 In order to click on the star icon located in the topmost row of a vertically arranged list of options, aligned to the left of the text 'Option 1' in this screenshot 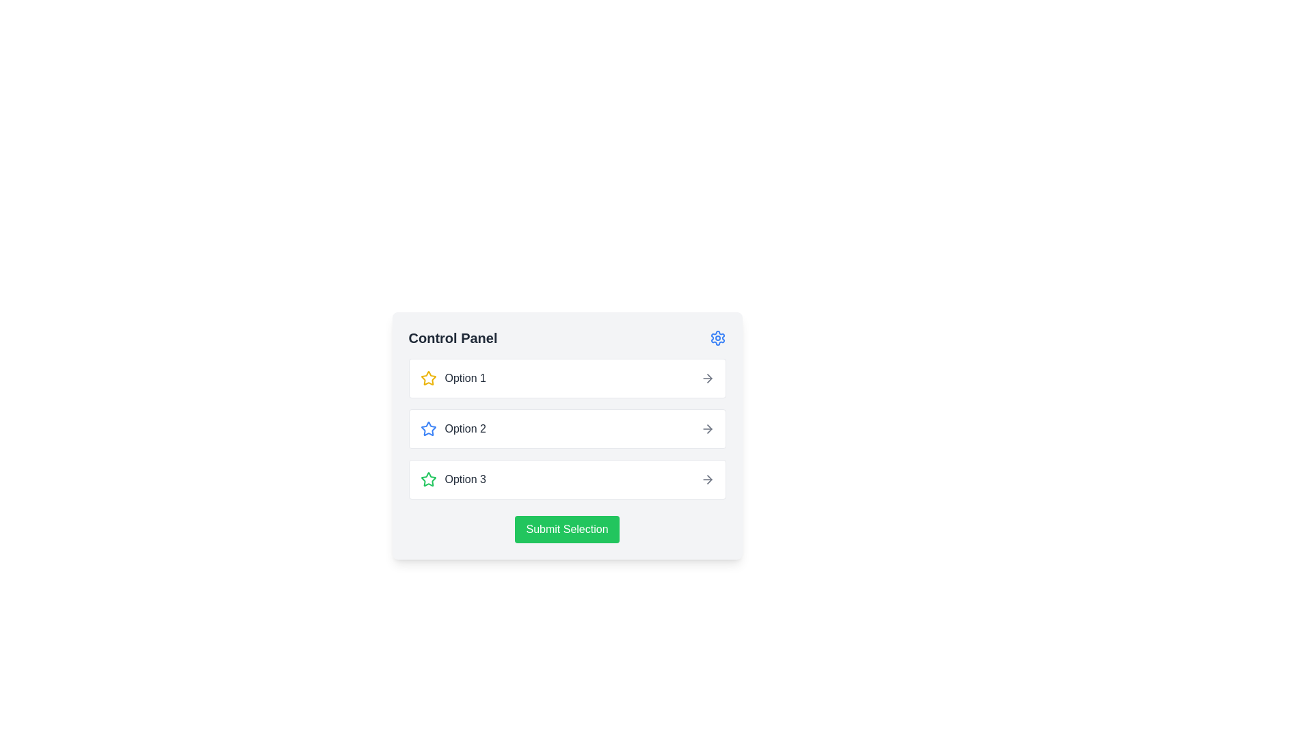, I will do `click(427, 379)`.